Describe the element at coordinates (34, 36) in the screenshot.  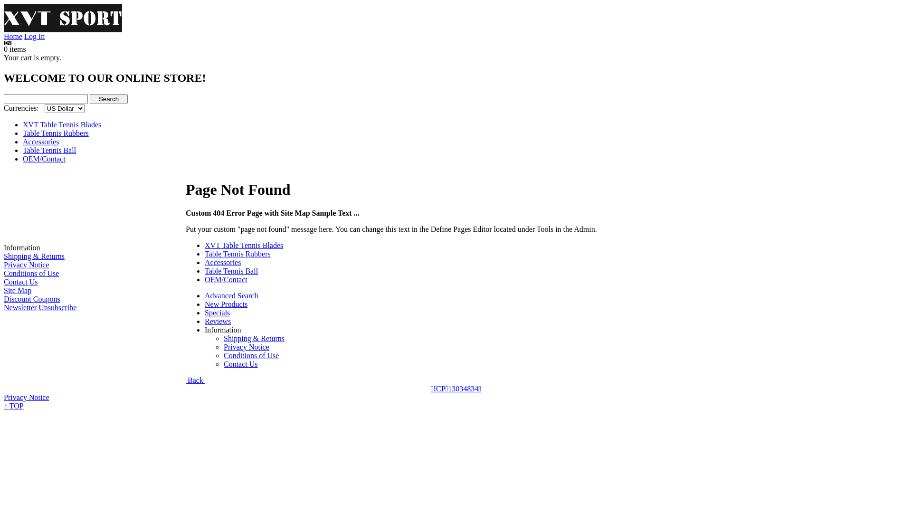
I see `'Log In'` at that location.